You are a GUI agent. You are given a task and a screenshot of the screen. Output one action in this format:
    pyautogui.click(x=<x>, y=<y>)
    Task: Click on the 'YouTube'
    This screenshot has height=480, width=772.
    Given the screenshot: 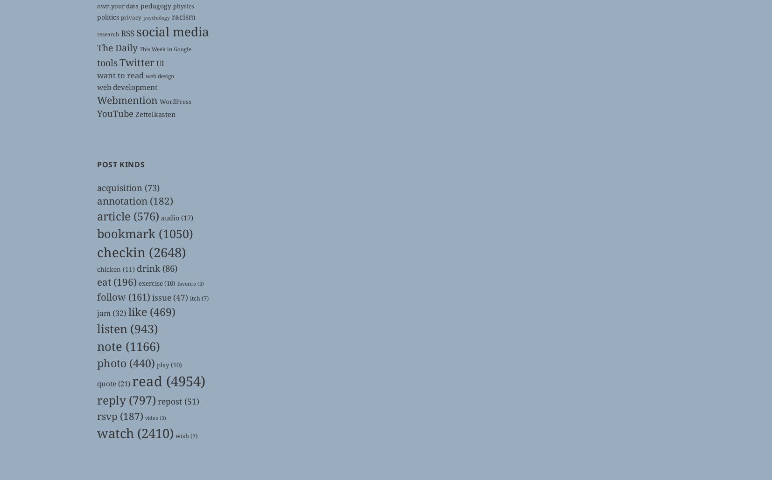 What is the action you would take?
    pyautogui.click(x=114, y=113)
    